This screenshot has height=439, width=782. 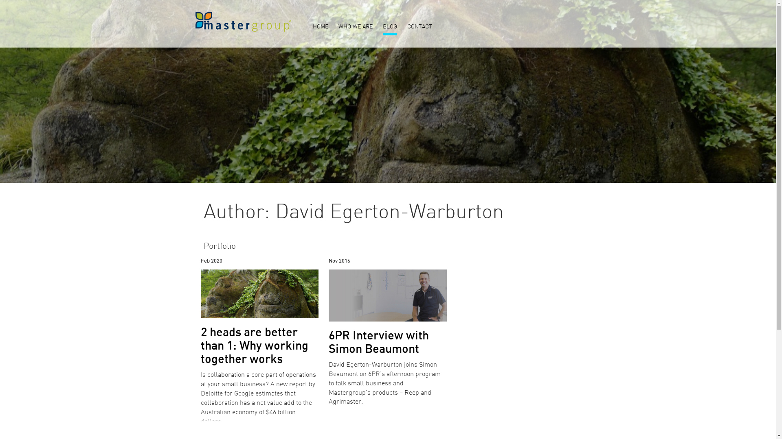 I want to click on 'CONTACT', so click(x=420, y=27).